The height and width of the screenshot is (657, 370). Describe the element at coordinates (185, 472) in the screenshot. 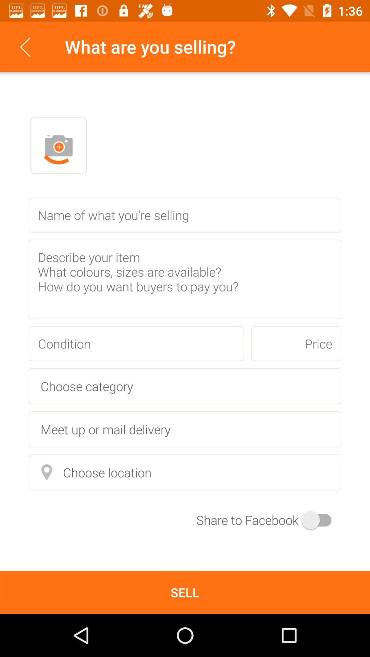

I see `choose location icon` at that location.